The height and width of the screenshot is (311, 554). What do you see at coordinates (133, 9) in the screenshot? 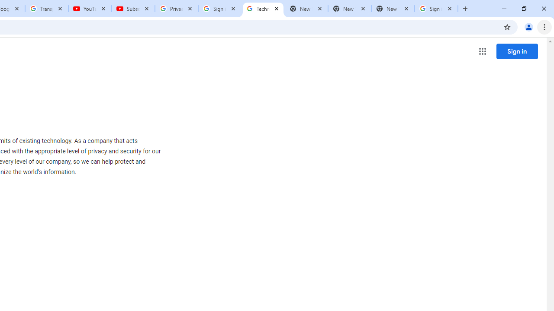
I see `'Subscriptions - YouTube'` at bounding box center [133, 9].